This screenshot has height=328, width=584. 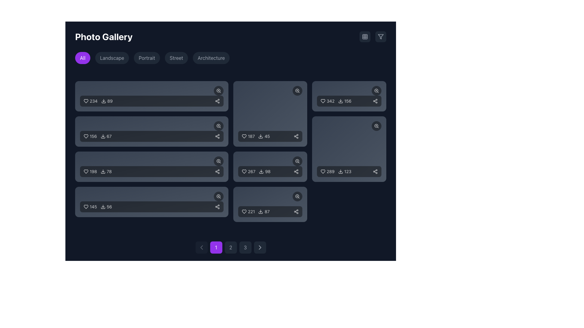 What do you see at coordinates (218, 161) in the screenshot?
I see `the circular zoom icon with a black background and a white magnifying glass symbol to magnify the image` at bounding box center [218, 161].